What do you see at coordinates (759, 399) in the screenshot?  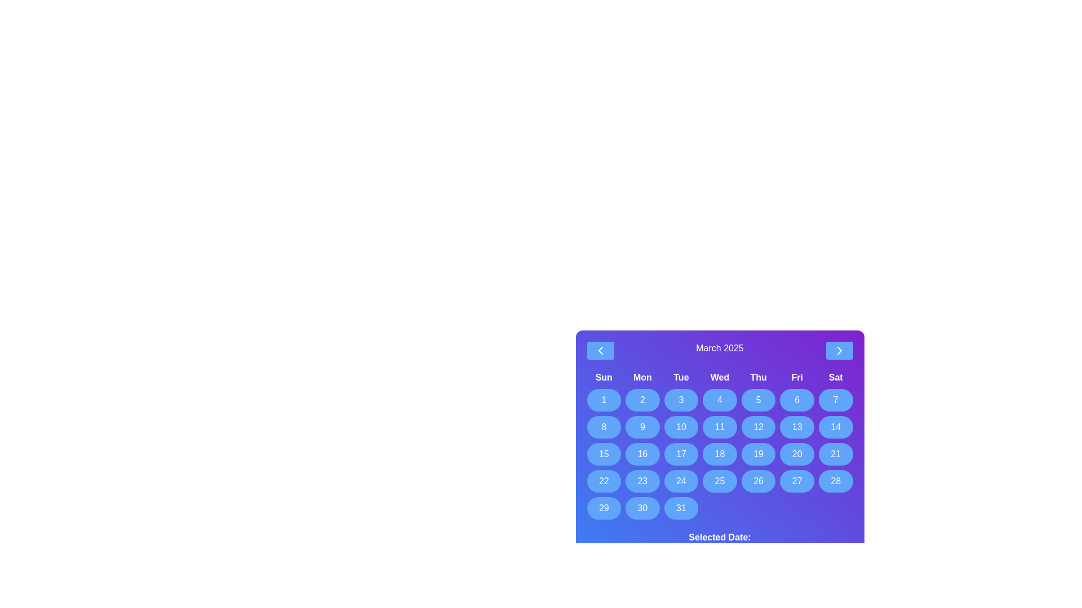 I see `the button representing the 5th day of the month in the calendar grid under the 'Thu' column` at bounding box center [759, 399].